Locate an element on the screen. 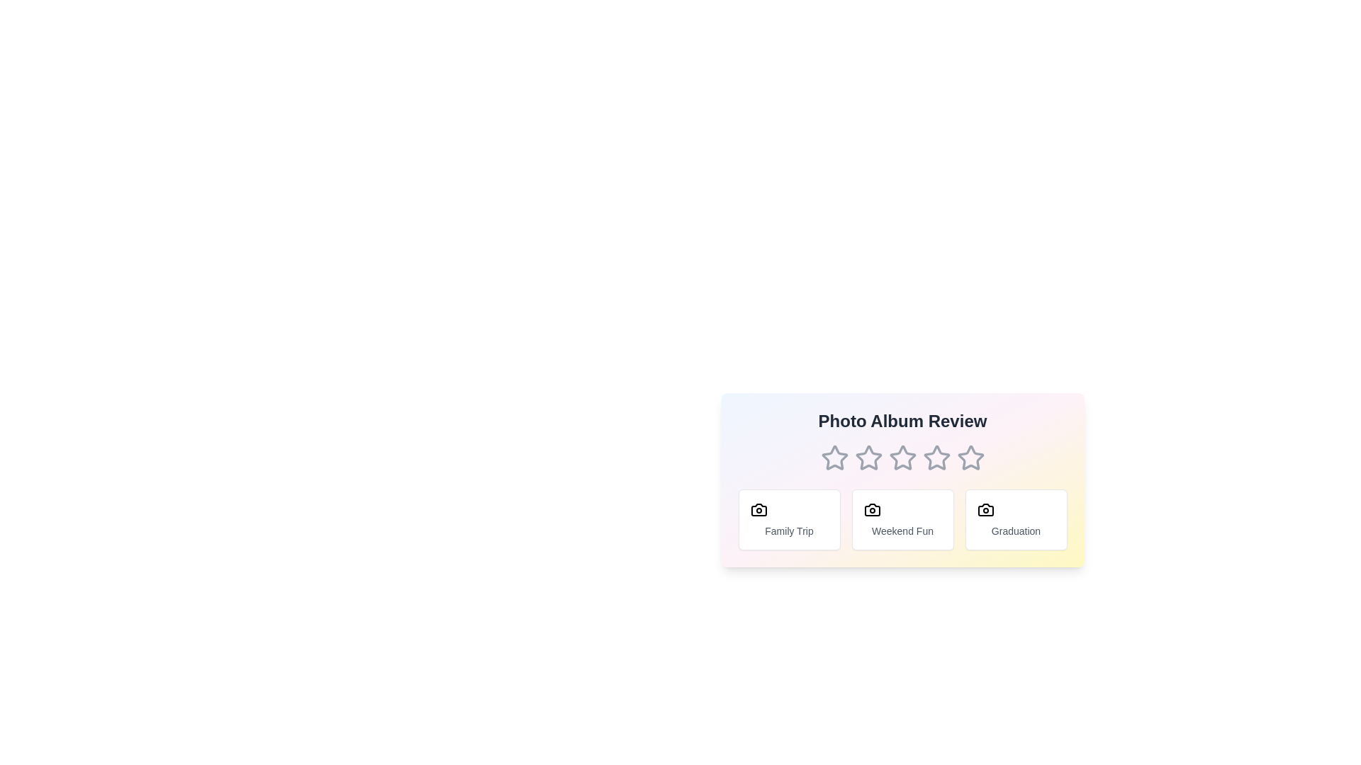  the 3 star to set the rating is located at coordinates (902, 458).